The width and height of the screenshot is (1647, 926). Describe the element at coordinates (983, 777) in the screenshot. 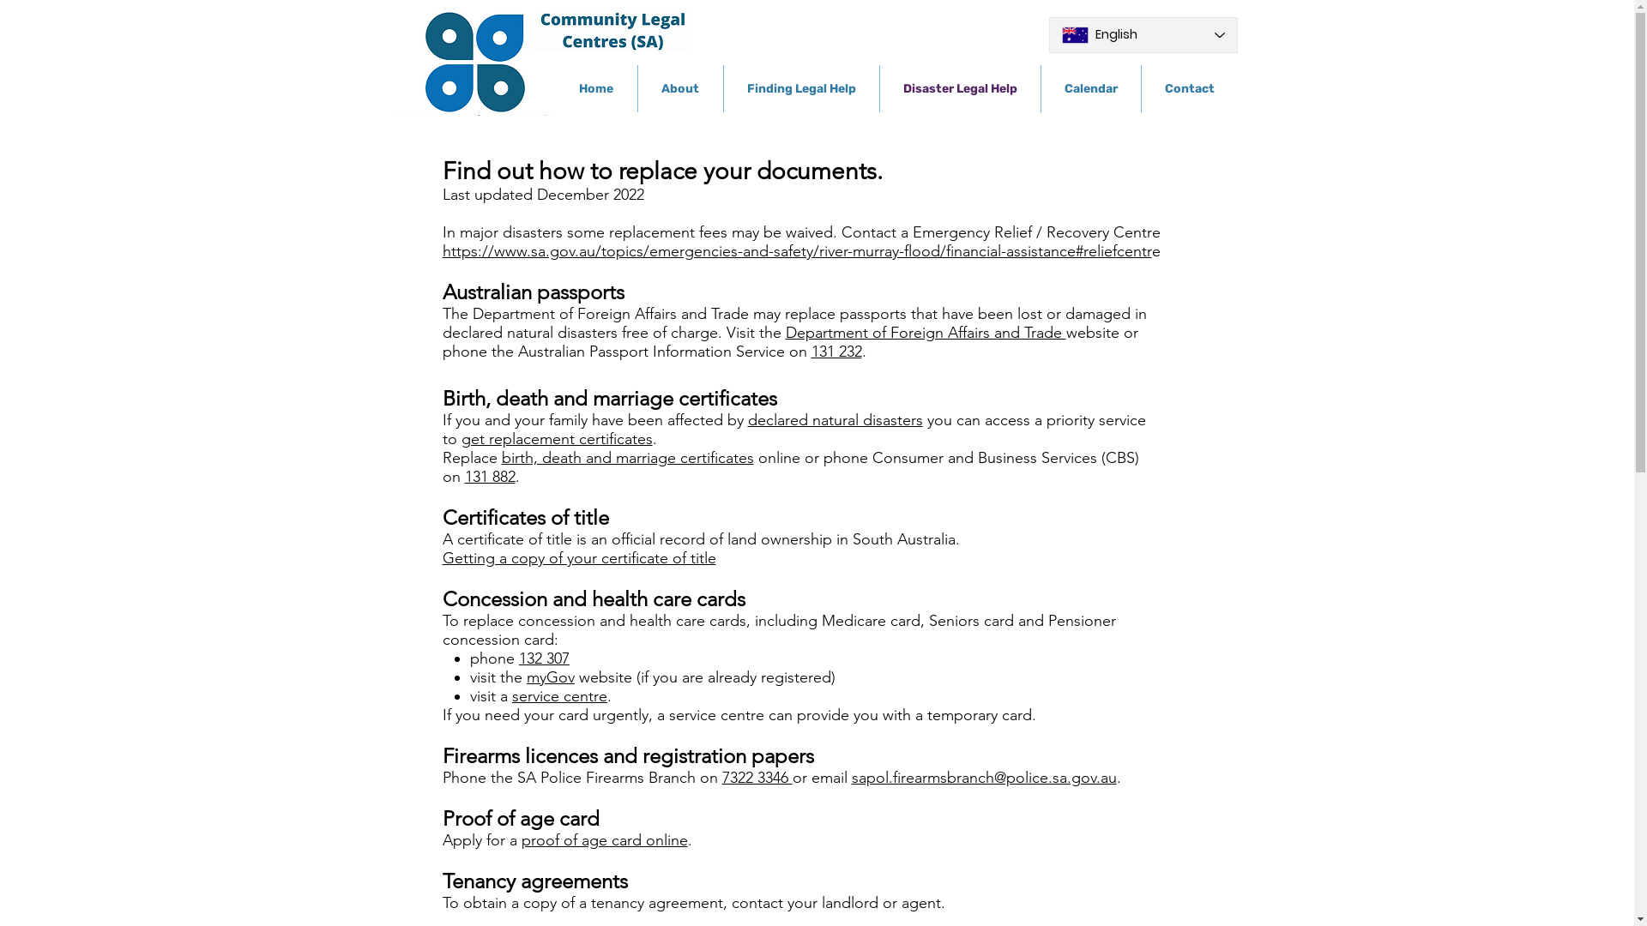

I see `'sapol.firearmsbranch@police.sa.gov.au'` at that location.